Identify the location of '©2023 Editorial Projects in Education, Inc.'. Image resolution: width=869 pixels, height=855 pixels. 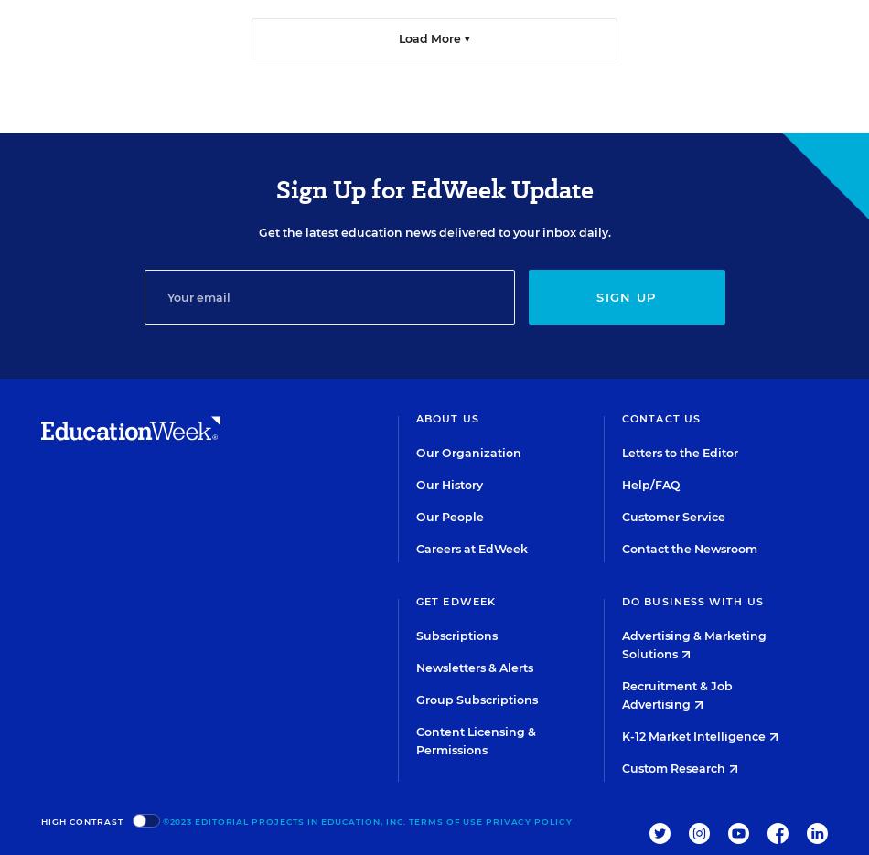
(283, 820).